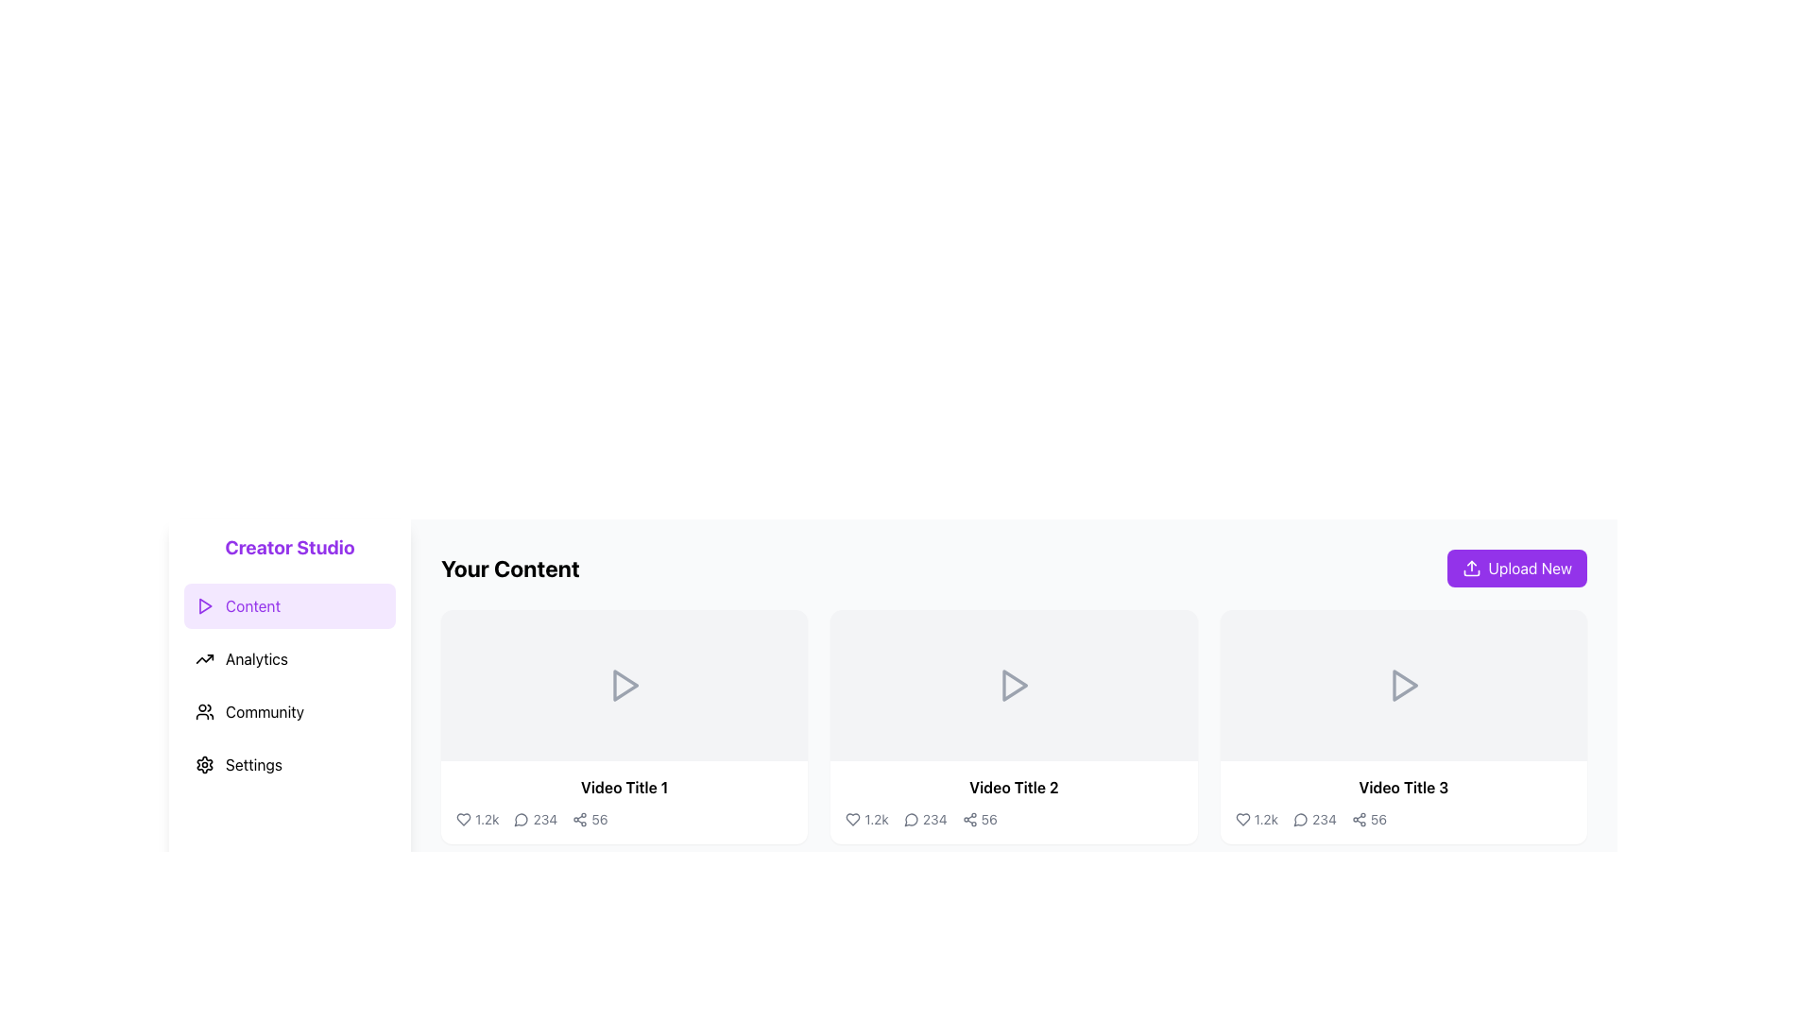 The image size is (1814, 1020). What do you see at coordinates (1369, 818) in the screenshot?
I see `the composite element indicating the number of shares or interactions below 'Video Title 3', located at the bottom-right of the video card` at bounding box center [1369, 818].